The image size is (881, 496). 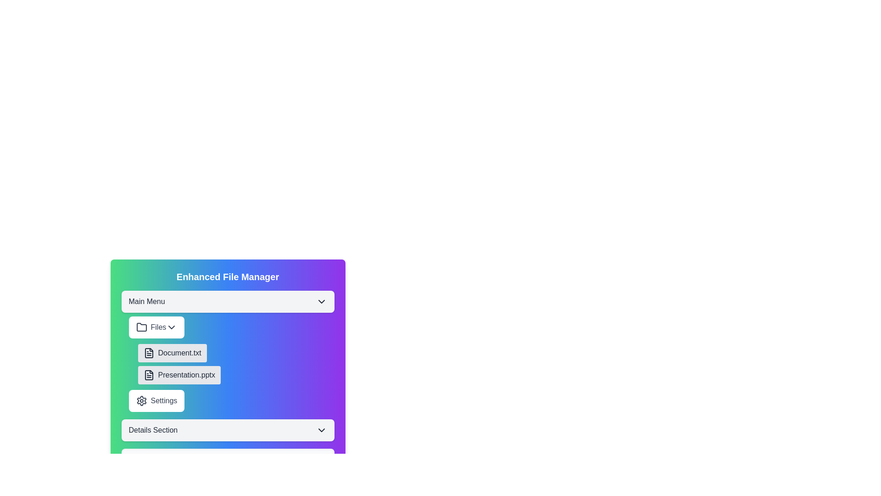 I want to click on the chevron icon located to the right of the text 'Files', so click(x=172, y=327).